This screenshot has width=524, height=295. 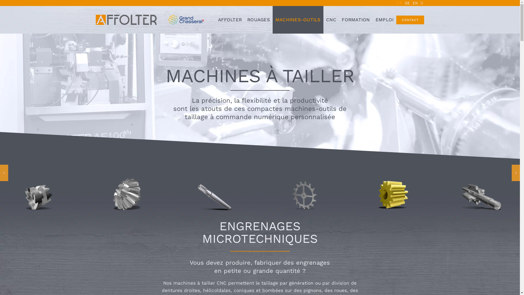 I want to click on 'CNC', so click(x=323, y=19).